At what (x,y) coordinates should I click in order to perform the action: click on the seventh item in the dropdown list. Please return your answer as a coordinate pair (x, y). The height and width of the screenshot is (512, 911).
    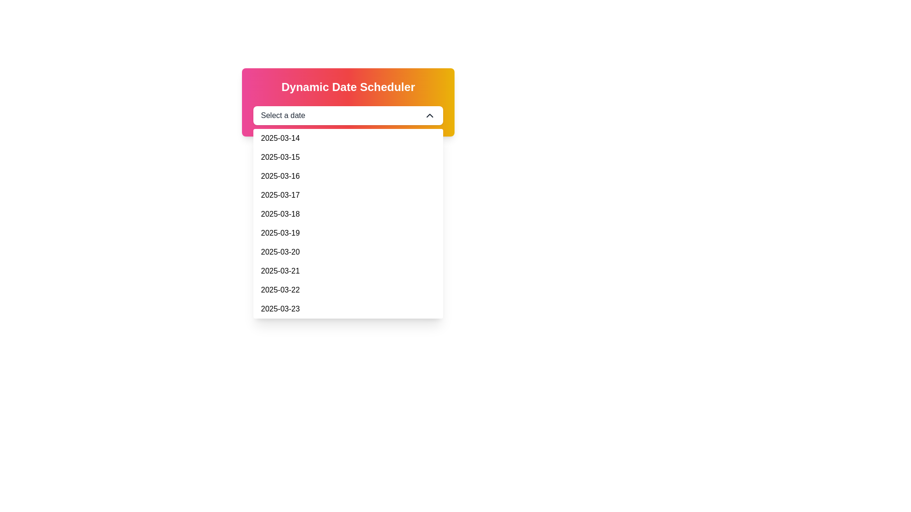
    Looking at the image, I should click on (279, 271).